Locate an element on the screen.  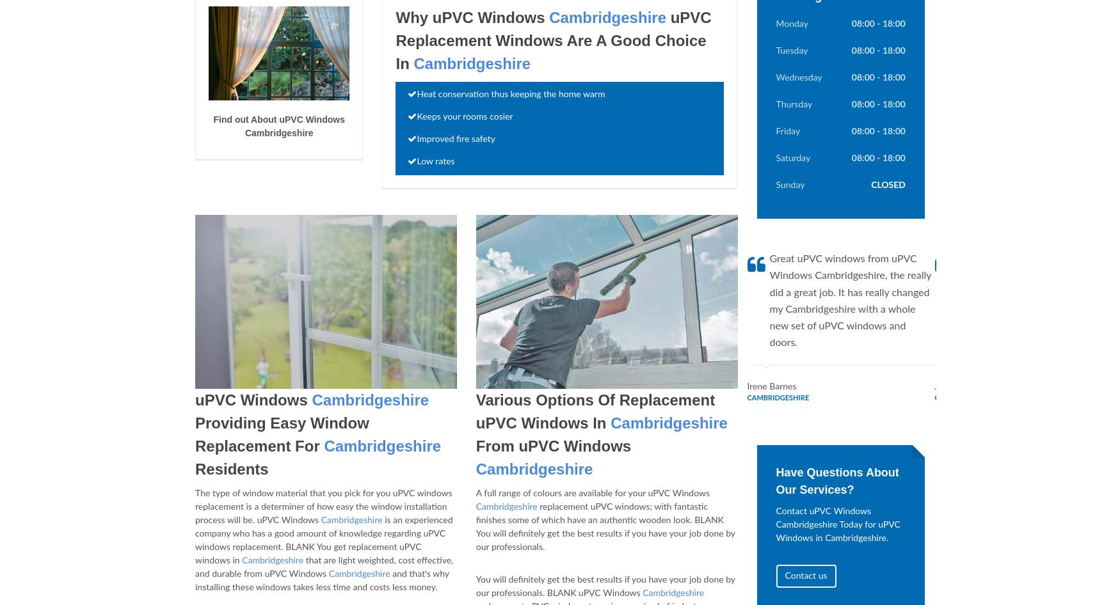
'Keeps your rooms cosier' is located at coordinates (465, 116).